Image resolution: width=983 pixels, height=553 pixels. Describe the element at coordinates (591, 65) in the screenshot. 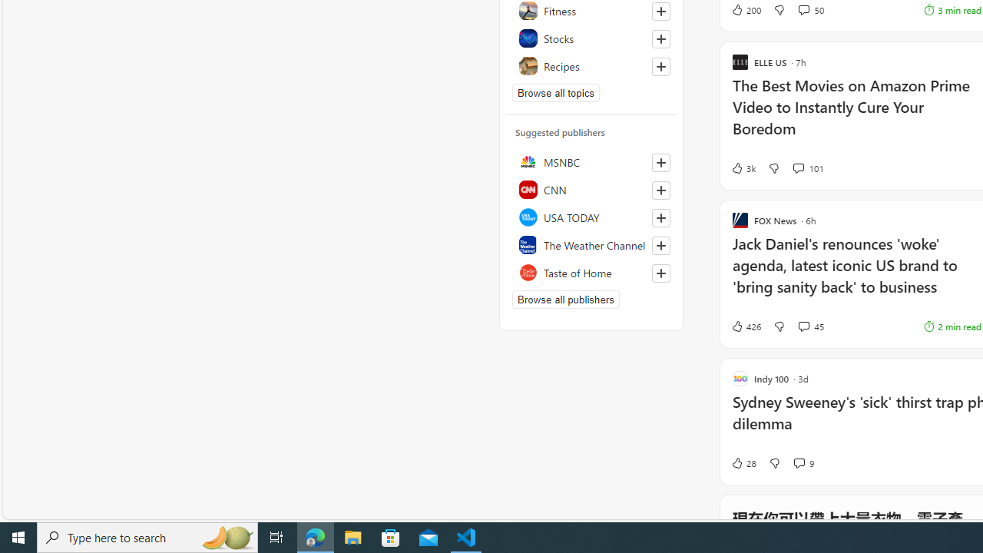

I see `'Recipes'` at that location.